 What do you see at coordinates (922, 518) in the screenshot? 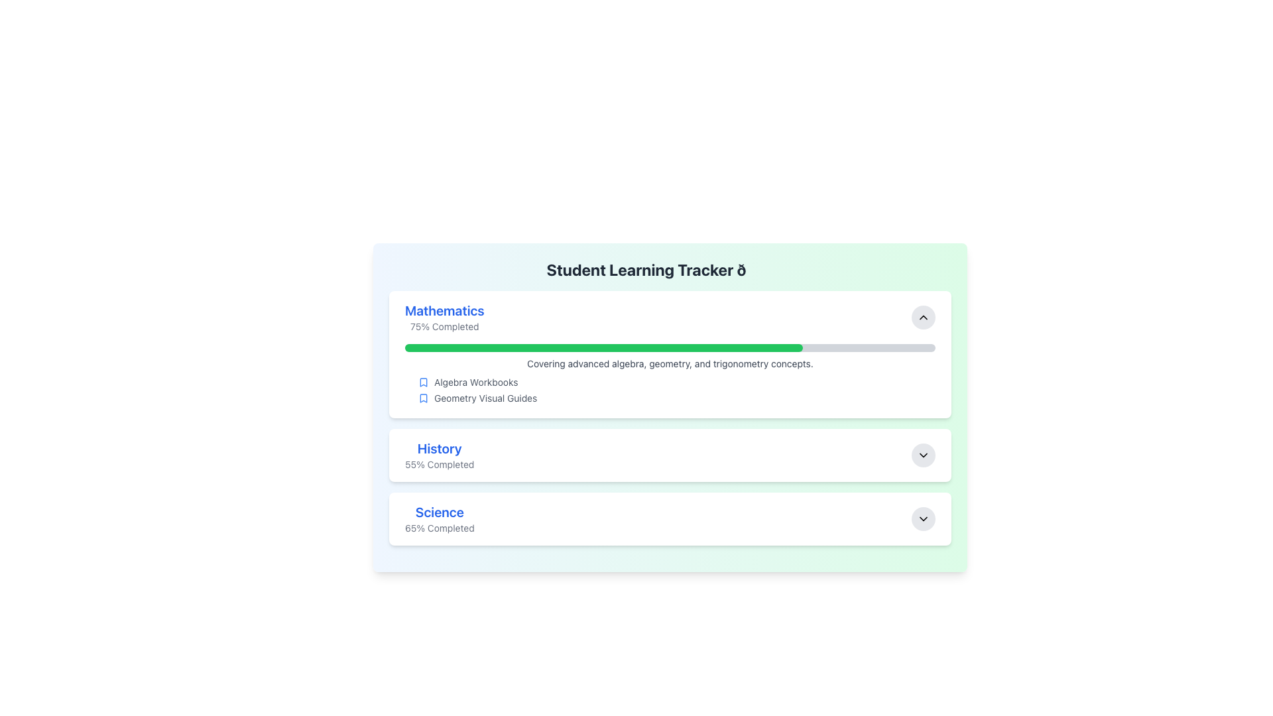
I see `the toggle button located at the far right side of the 'Science 65% Completed' section` at bounding box center [922, 518].